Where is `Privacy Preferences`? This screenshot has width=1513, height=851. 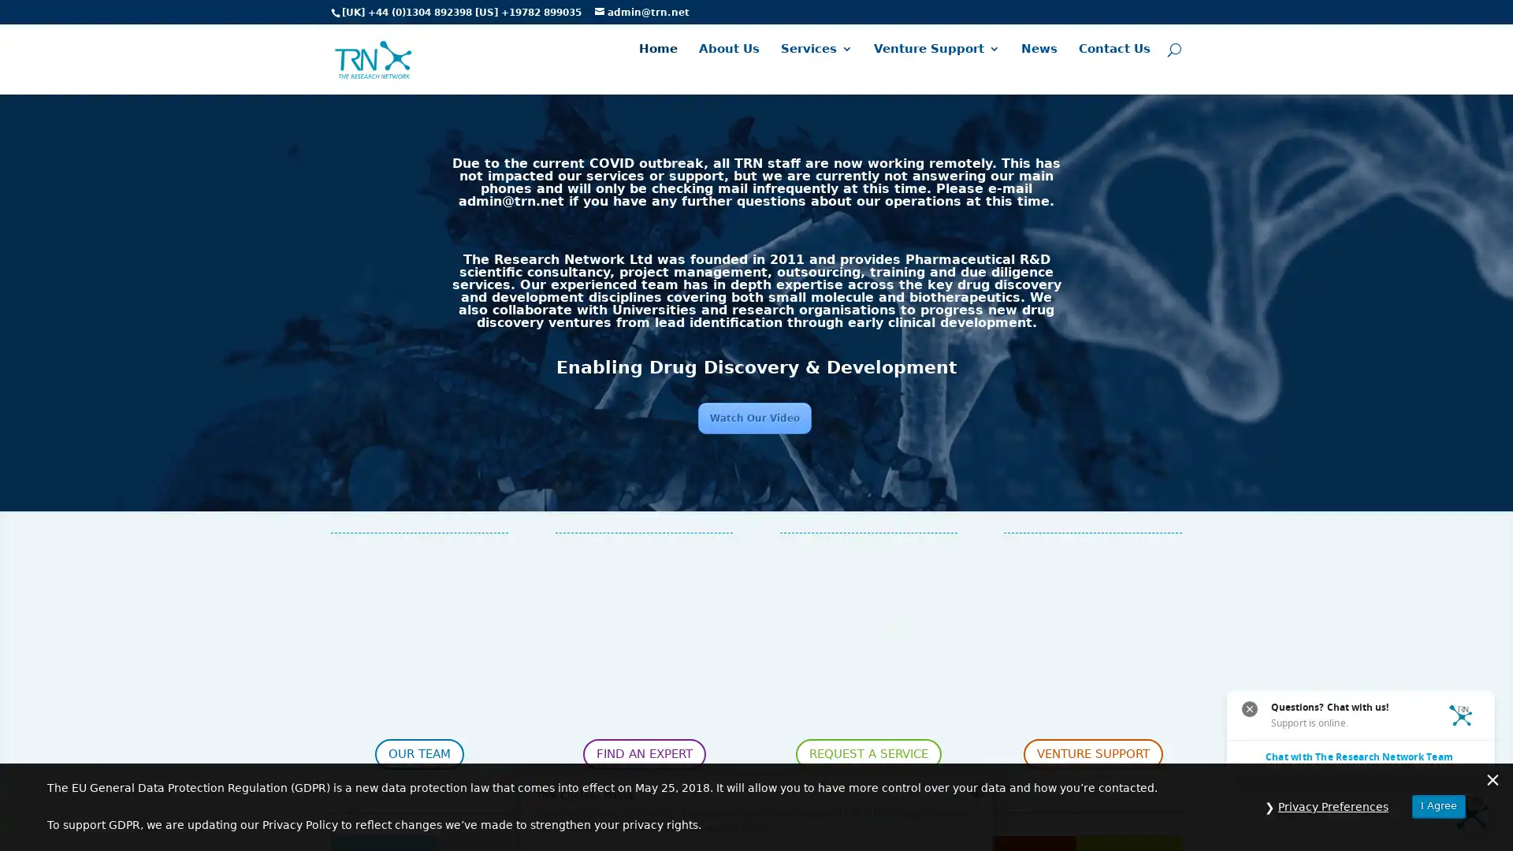 Privacy Preferences is located at coordinates (1333, 806).